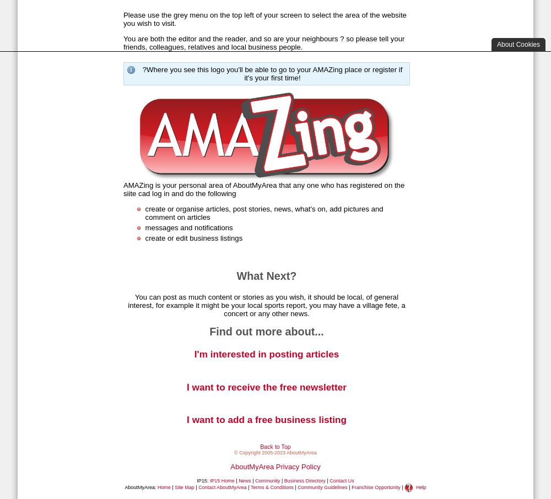 This screenshot has height=499, width=551. What do you see at coordinates (272, 73) in the screenshot?
I see `'?Where you see this logo you'll be able to go to your AMAZing place or register if it's your first time!'` at bounding box center [272, 73].